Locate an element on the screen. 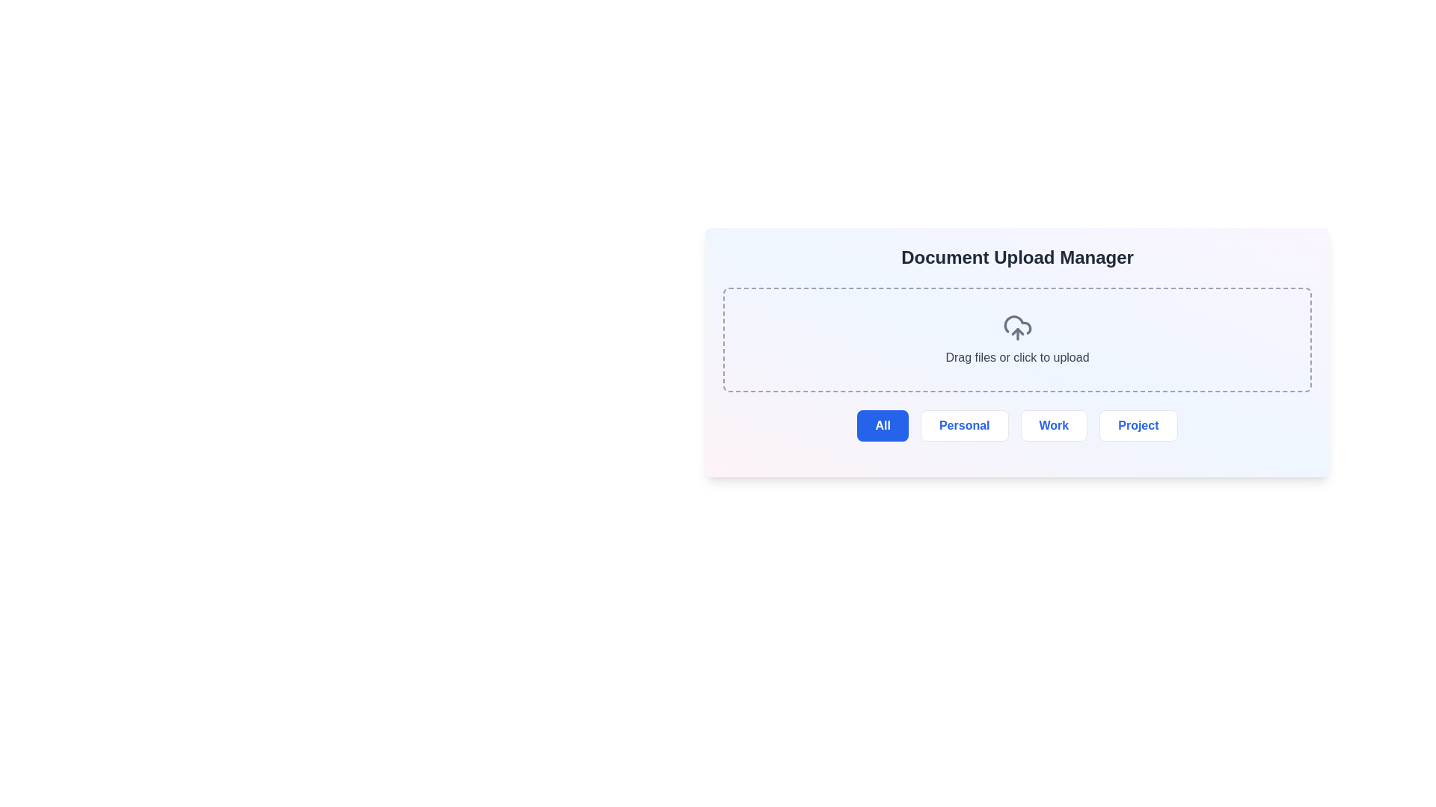 This screenshot has height=807, width=1436. the 'Work' filter button in the Document Upload Manager system is located at coordinates (1053, 426).